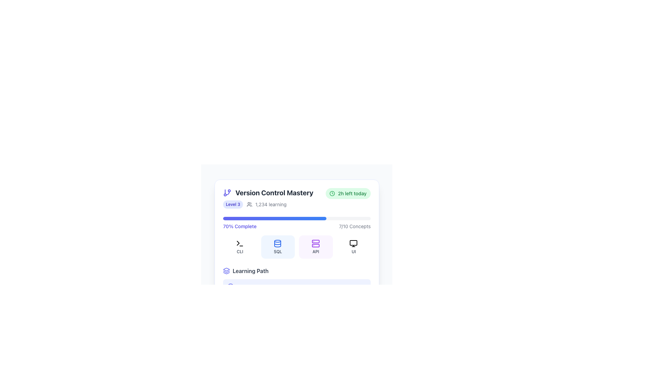  What do you see at coordinates (297, 237) in the screenshot?
I see `individual components within the segmented dashboard grid located under the '70% Complete' progress bar in the 'Version Control Mastery' section` at bounding box center [297, 237].